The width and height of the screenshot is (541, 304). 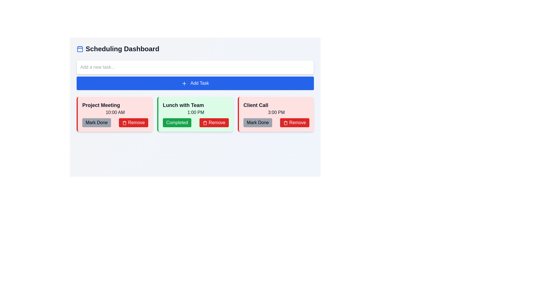 I want to click on the 'Scheduling Dashboard' text label, which is a large, bold title located at the top left of the interface, accompanied by a blue outlined calendar icon, so click(x=117, y=48).